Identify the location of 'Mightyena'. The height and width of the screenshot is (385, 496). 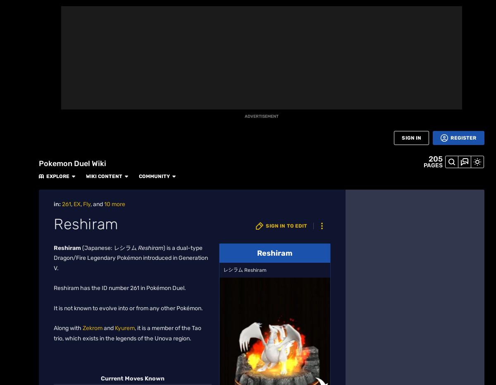
(394, 106).